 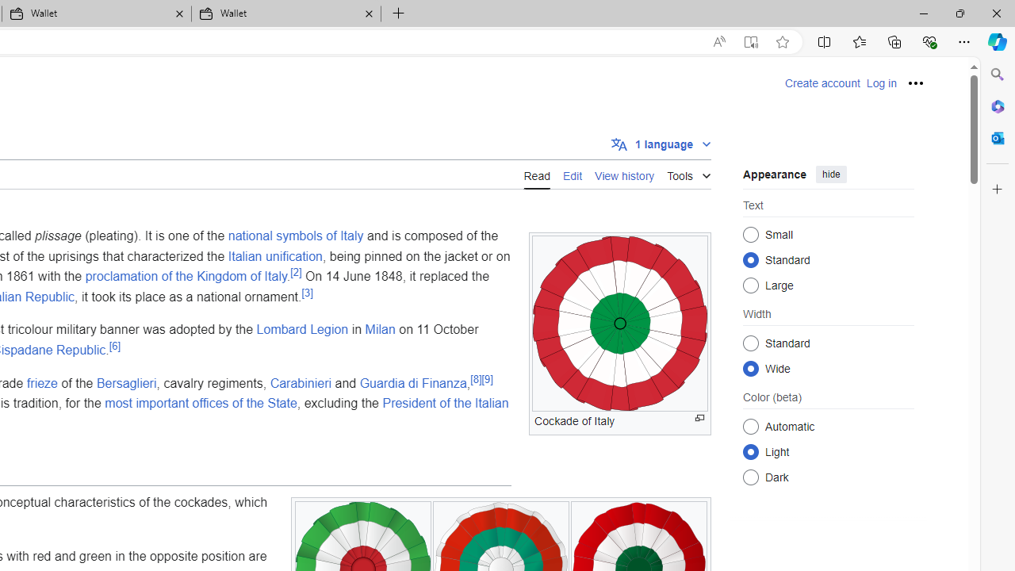 I want to click on '[8]', so click(x=475, y=379).